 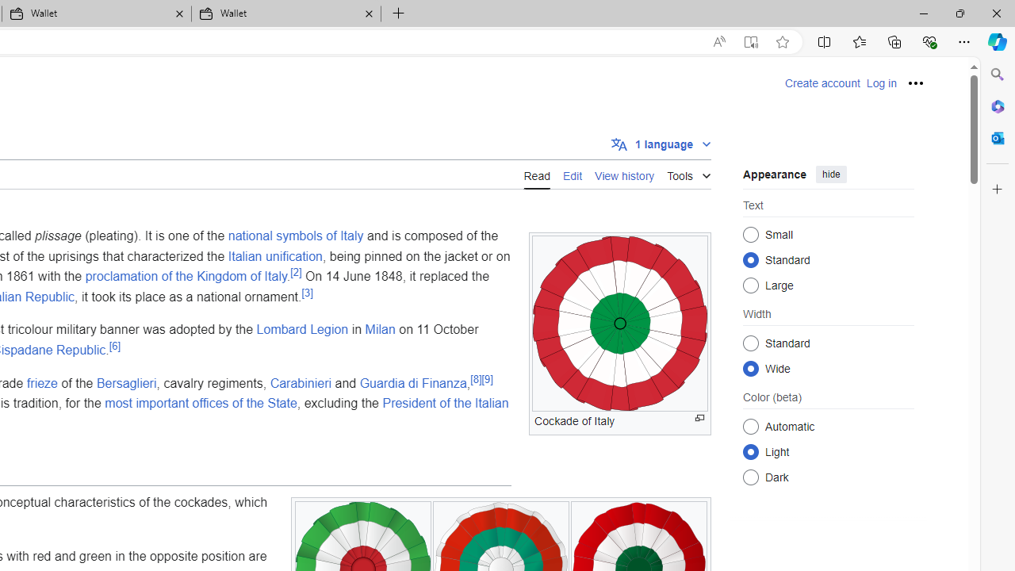 I want to click on '[8]', so click(x=475, y=379).